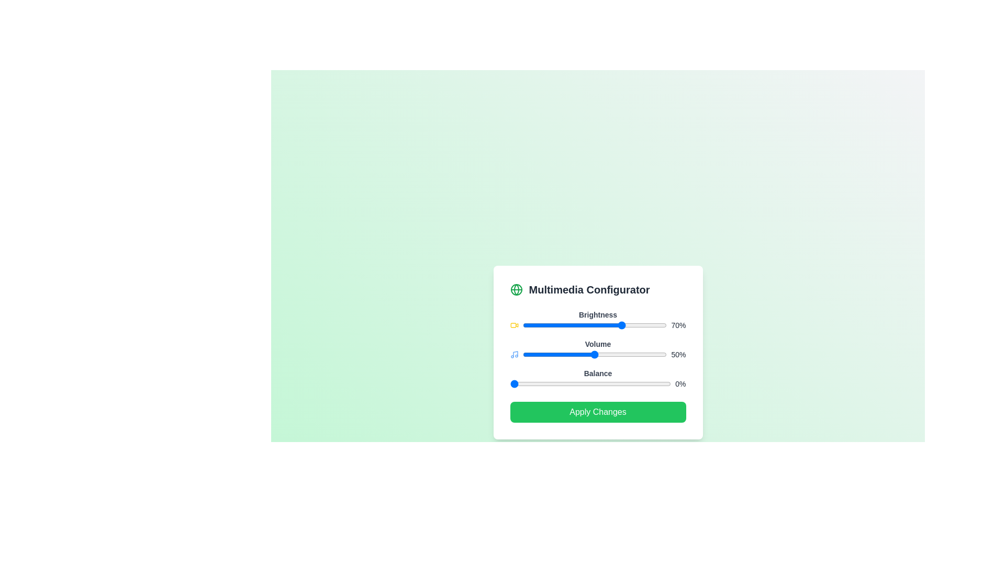 Image resolution: width=1005 pixels, height=565 pixels. Describe the element at coordinates (514, 324) in the screenshot. I see `the icon next to the Brightness slider to inspect its context` at that location.